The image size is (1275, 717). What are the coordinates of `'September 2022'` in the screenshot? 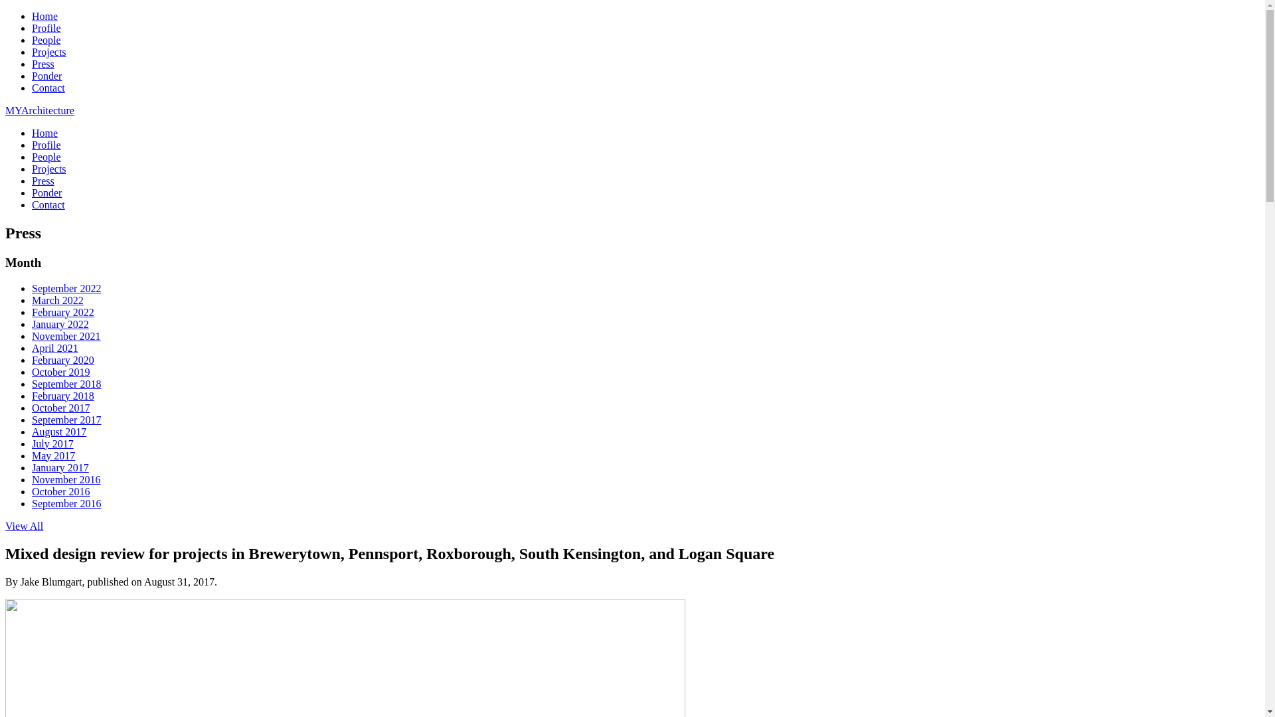 It's located at (66, 287).